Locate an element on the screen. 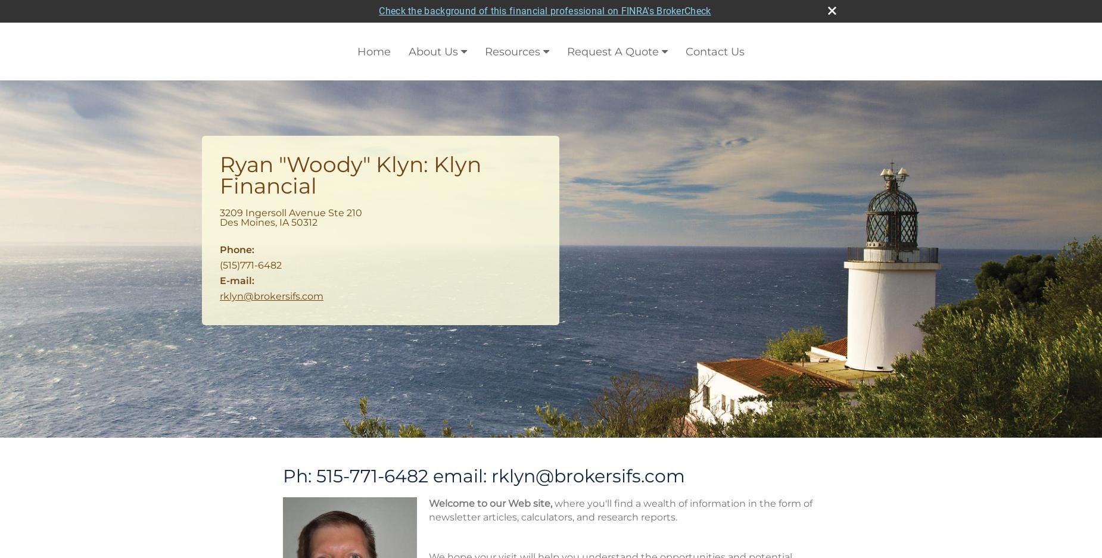 This screenshot has width=1102, height=558. 'More Calculators' is located at coordinates (262, 534).